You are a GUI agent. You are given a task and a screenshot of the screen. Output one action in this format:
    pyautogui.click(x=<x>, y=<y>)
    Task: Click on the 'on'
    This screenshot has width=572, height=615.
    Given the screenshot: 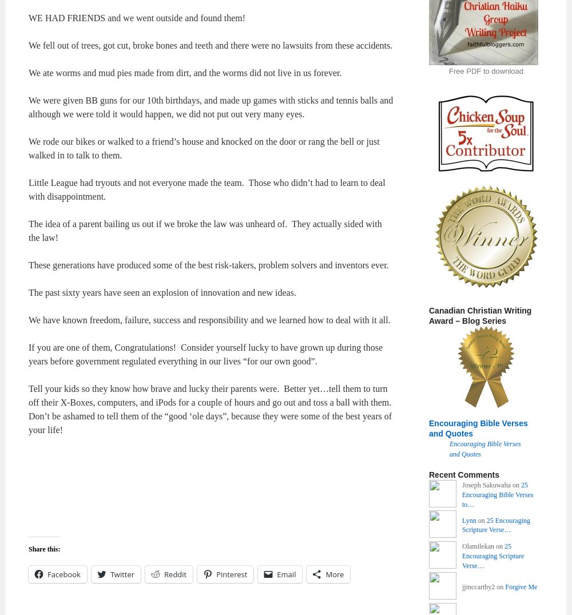 What is the action you would take?
    pyautogui.click(x=480, y=519)
    